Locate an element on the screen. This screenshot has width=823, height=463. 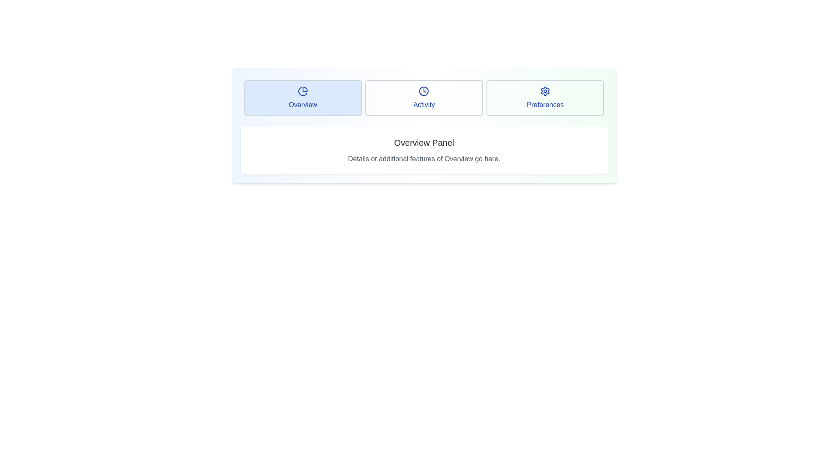
the tab labeled Activity to observe its hover effect is located at coordinates (424, 97).